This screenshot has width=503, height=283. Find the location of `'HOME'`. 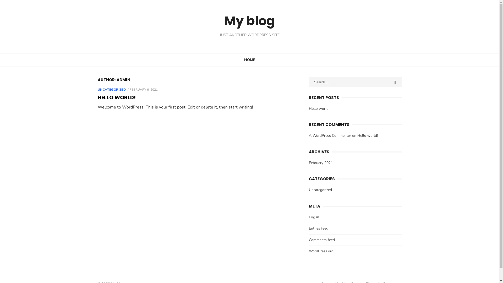

'HOME' is located at coordinates (249, 59).